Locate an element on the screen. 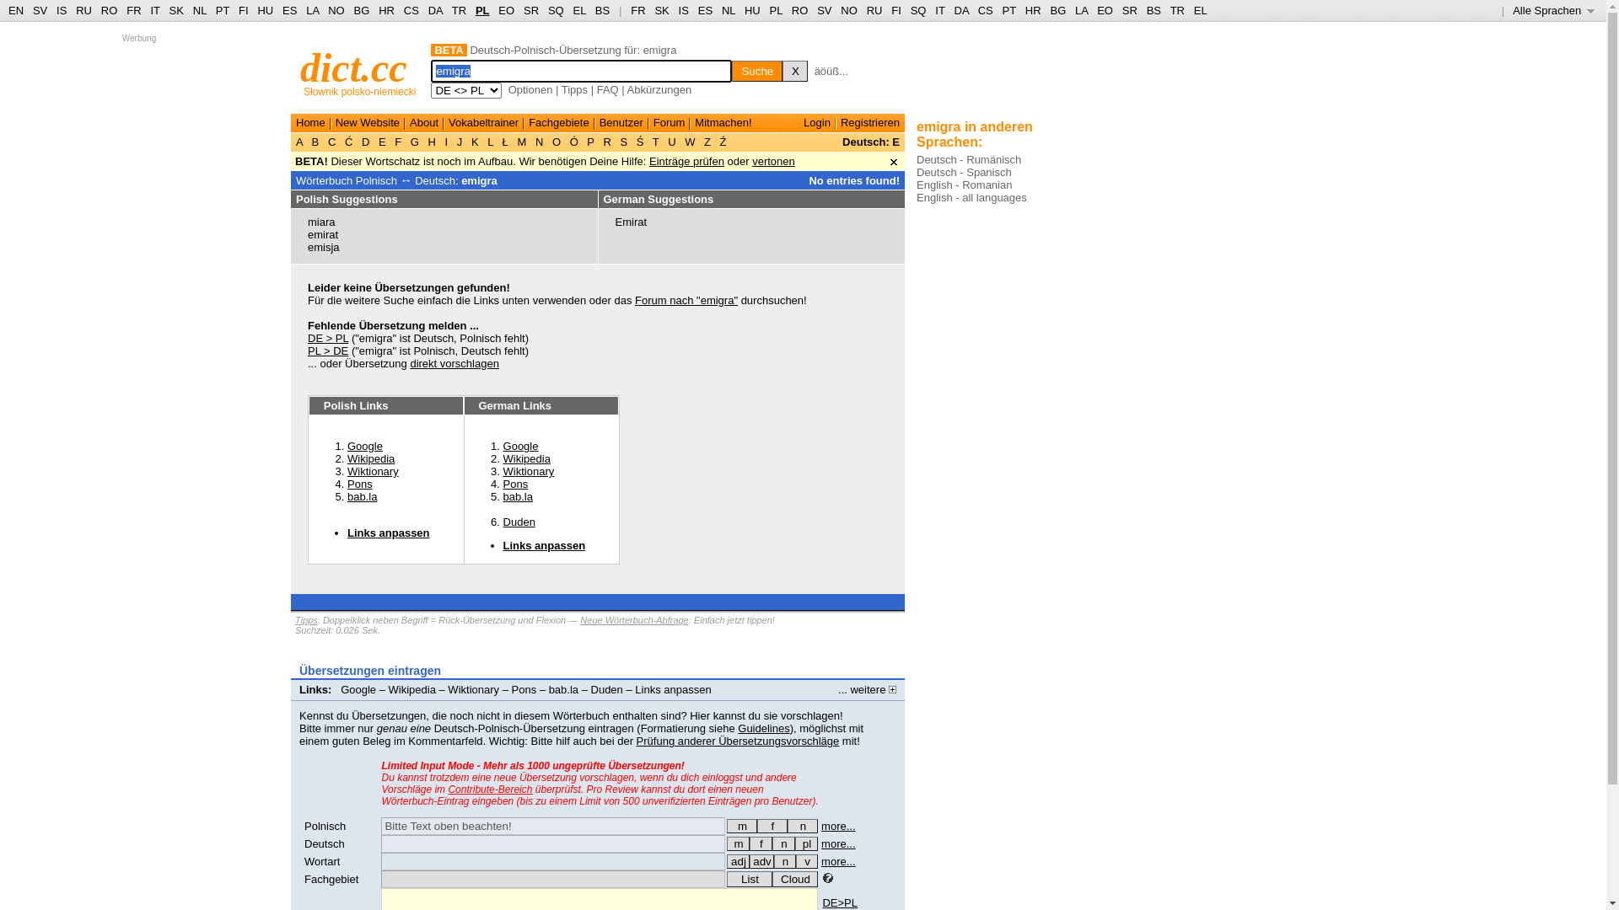 Image resolution: width=1619 pixels, height=910 pixels. 'CS' is located at coordinates (411, 10).